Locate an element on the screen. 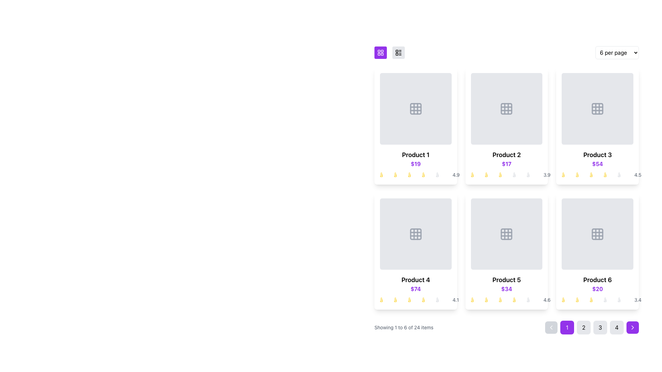 The height and width of the screenshot is (372, 662). the text label displaying the price of 'Product 5' in the fifth product card, which is centrally aligned beneath the title and above the rating and review section is located at coordinates (506, 289).